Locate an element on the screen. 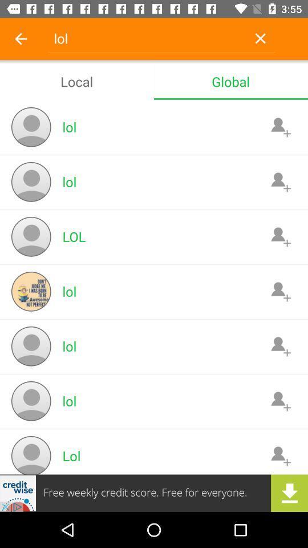  contact is located at coordinates (280, 182).